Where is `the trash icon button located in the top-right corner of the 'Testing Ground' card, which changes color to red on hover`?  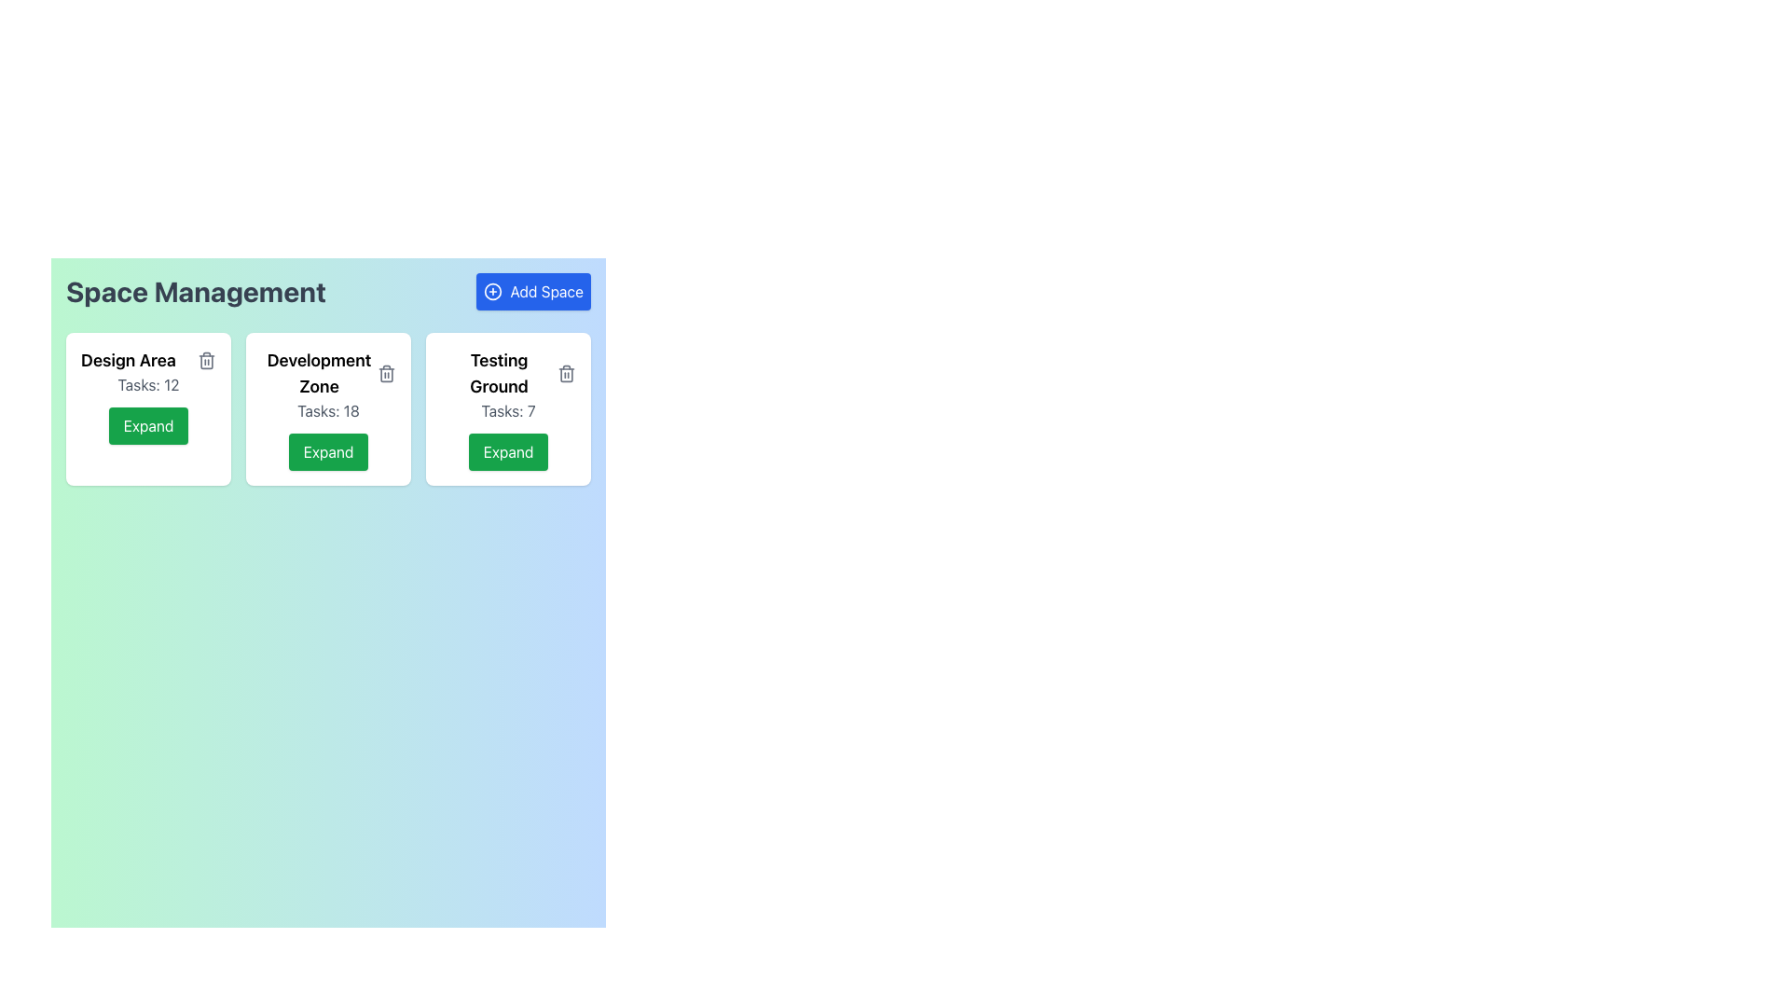
the trash icon button located in the top-right corner of the 'Testing Ground' card, which changes color to red on hover is located at coordinates (566, 374).